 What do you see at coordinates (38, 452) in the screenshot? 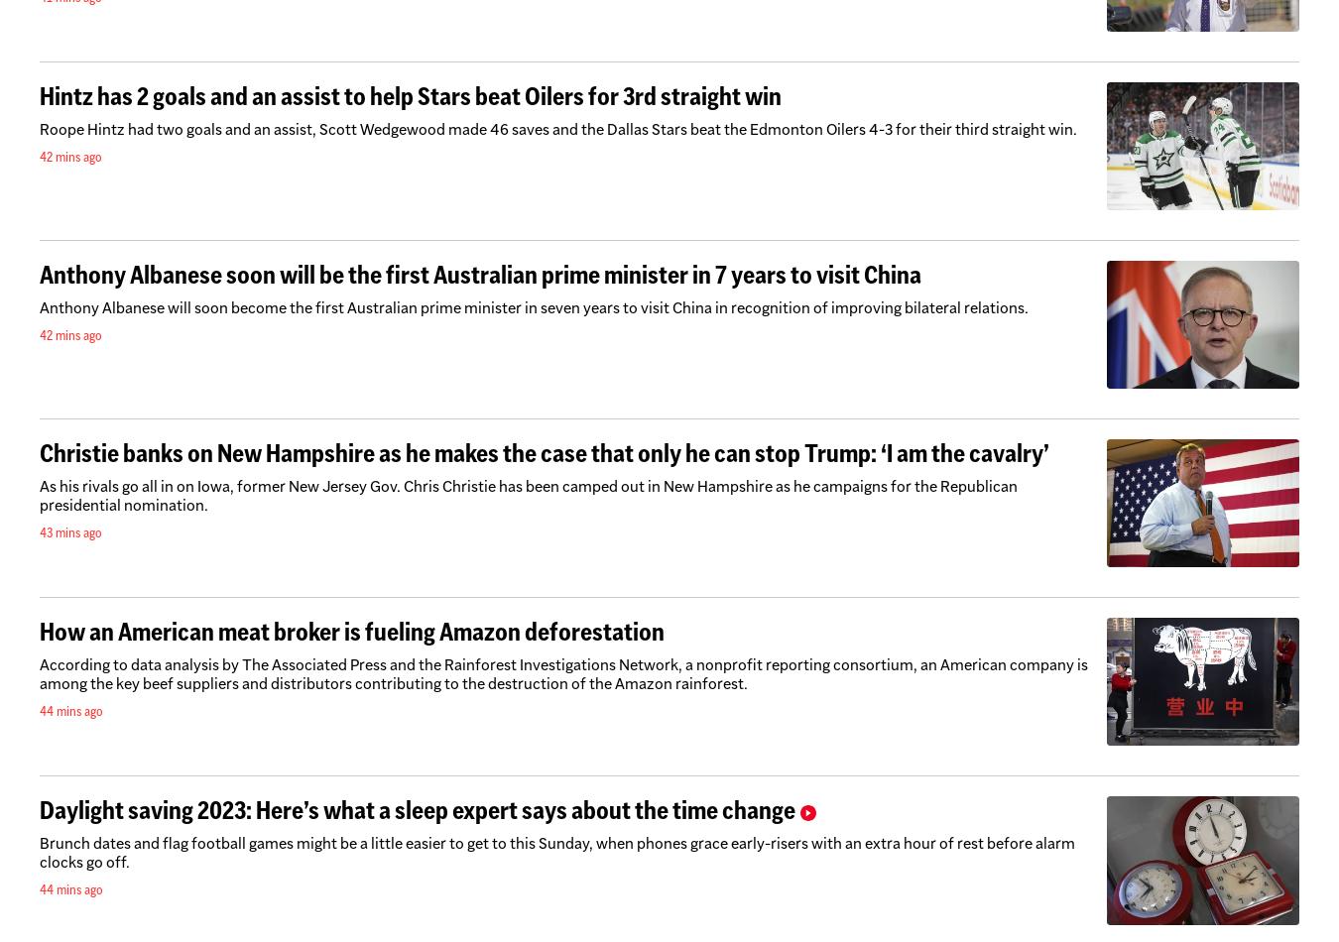
I see `'Christie banks on New Hampshire as he makes the case that only he can stop Trump: ‘I am the cavalry’'` at bounding box center [38, 452].